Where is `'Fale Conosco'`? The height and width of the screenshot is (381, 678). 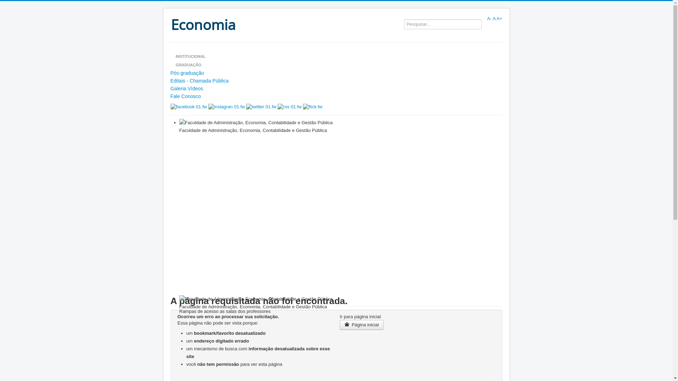 'Fale Conosco' is located at coordinates (335, 96).